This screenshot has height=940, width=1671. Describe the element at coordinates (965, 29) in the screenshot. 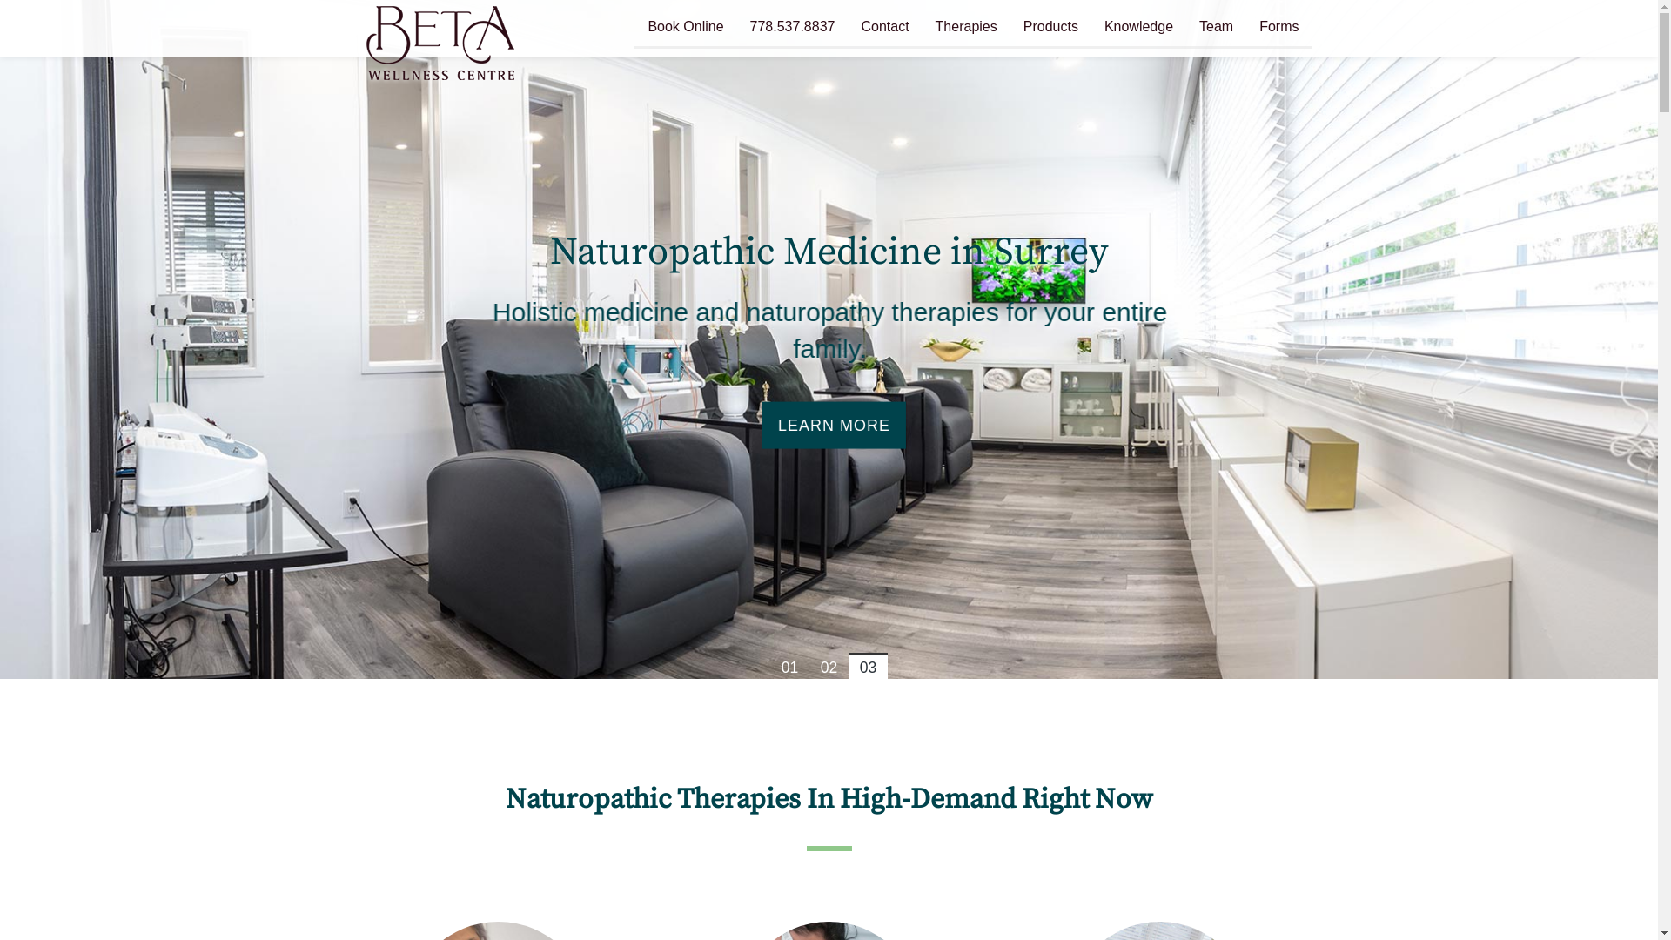

I see `'Therapies'` at that location.